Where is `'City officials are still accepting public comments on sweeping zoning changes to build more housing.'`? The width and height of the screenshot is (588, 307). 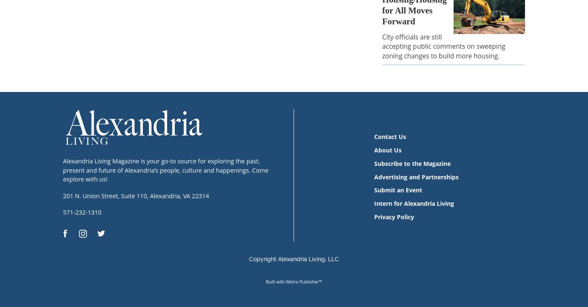 'City officials are still accepting public comments on sweeping zoning changes to build more housing.' is located at coordinates (382, 46).